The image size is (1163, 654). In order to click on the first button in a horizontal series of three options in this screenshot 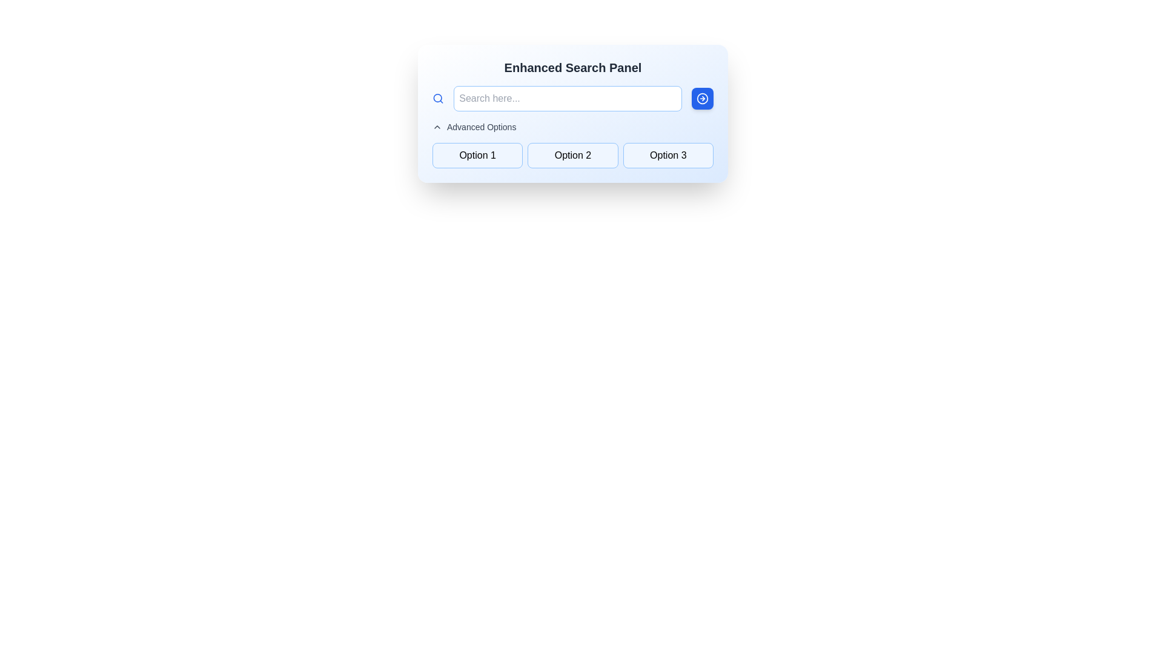, I will do `click(477, 155)`.